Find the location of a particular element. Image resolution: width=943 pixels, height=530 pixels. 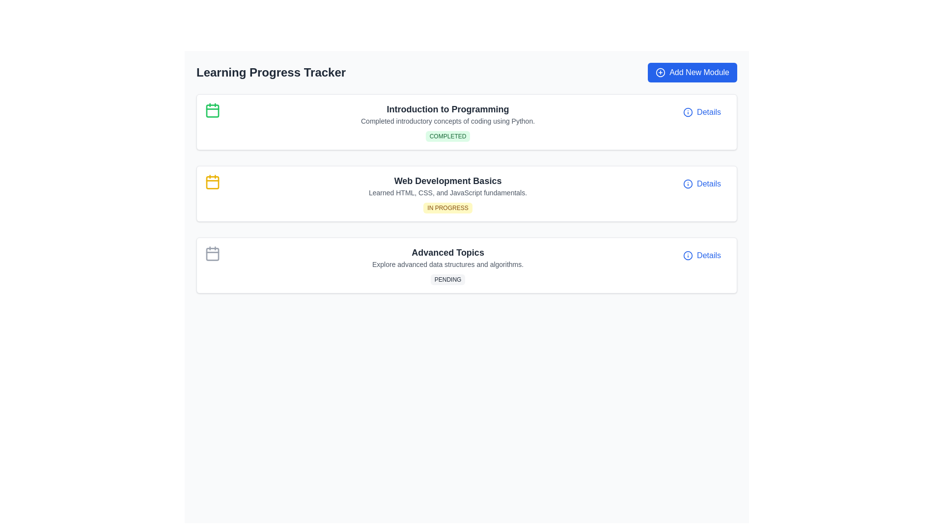

the status indicator located at the bottom-right section of the card titled 'Introduction to Programming', which signifies the completion of the module is located at coordinates (447, 136).